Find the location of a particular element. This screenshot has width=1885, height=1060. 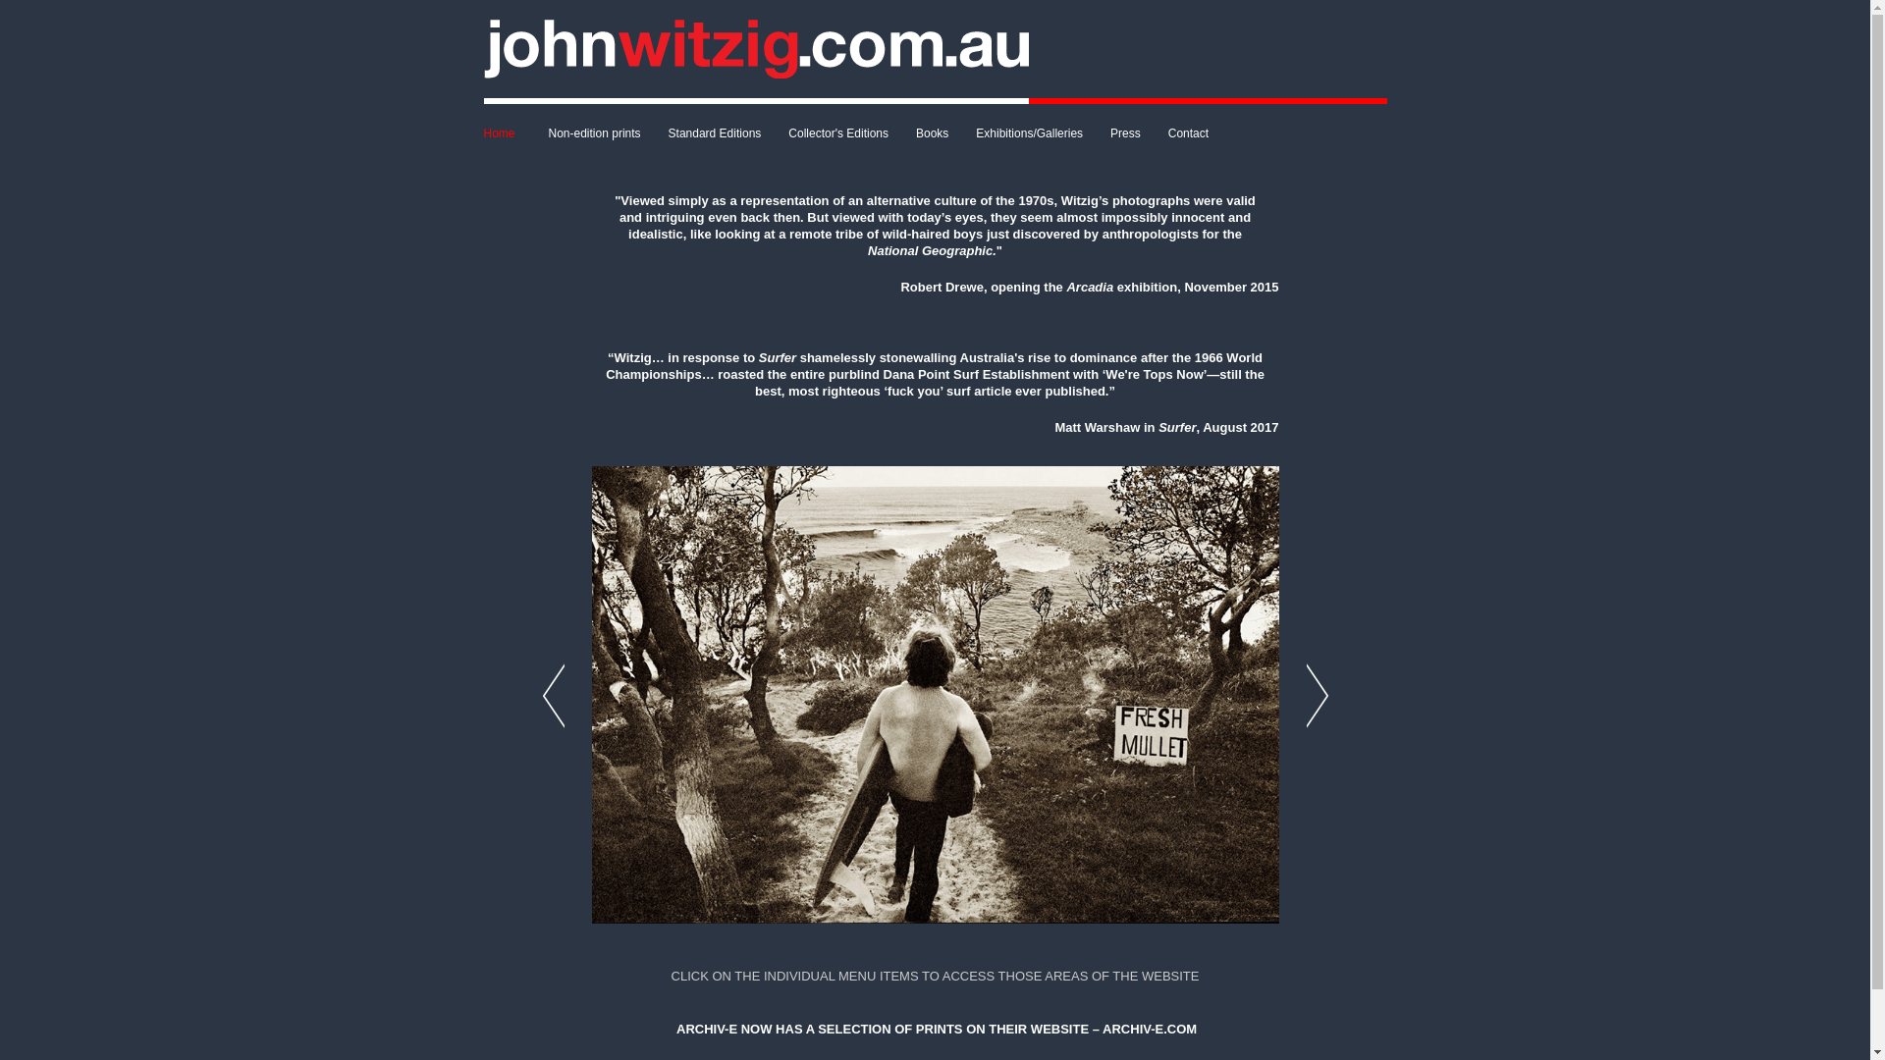

'Press' is located at coordinates (1125, 132).